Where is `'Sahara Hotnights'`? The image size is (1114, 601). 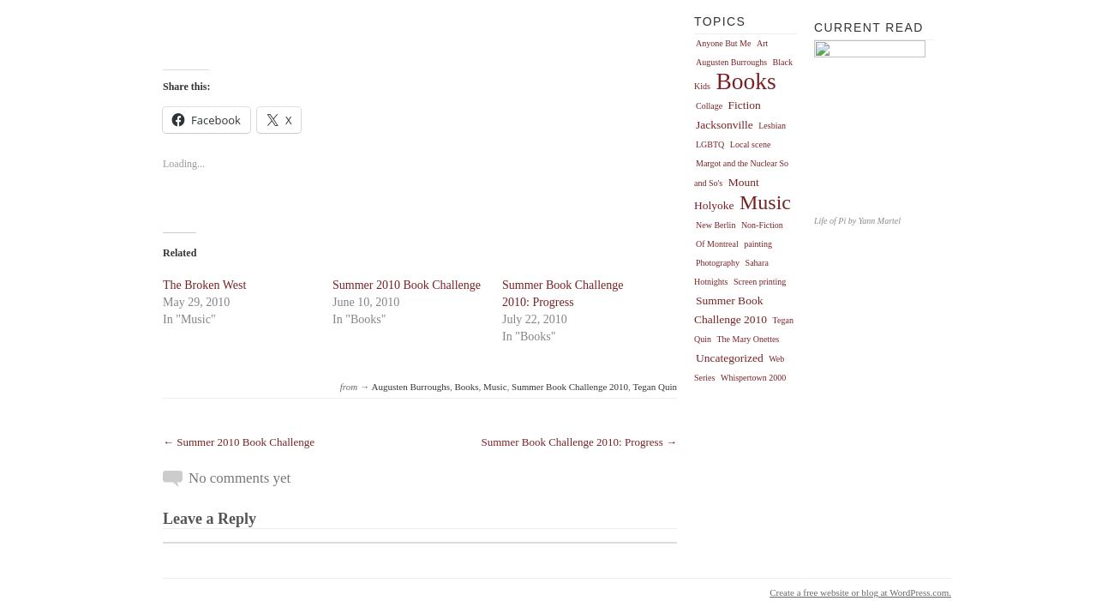
'Sahara Hotnights' is located at coordinates (693, 271).